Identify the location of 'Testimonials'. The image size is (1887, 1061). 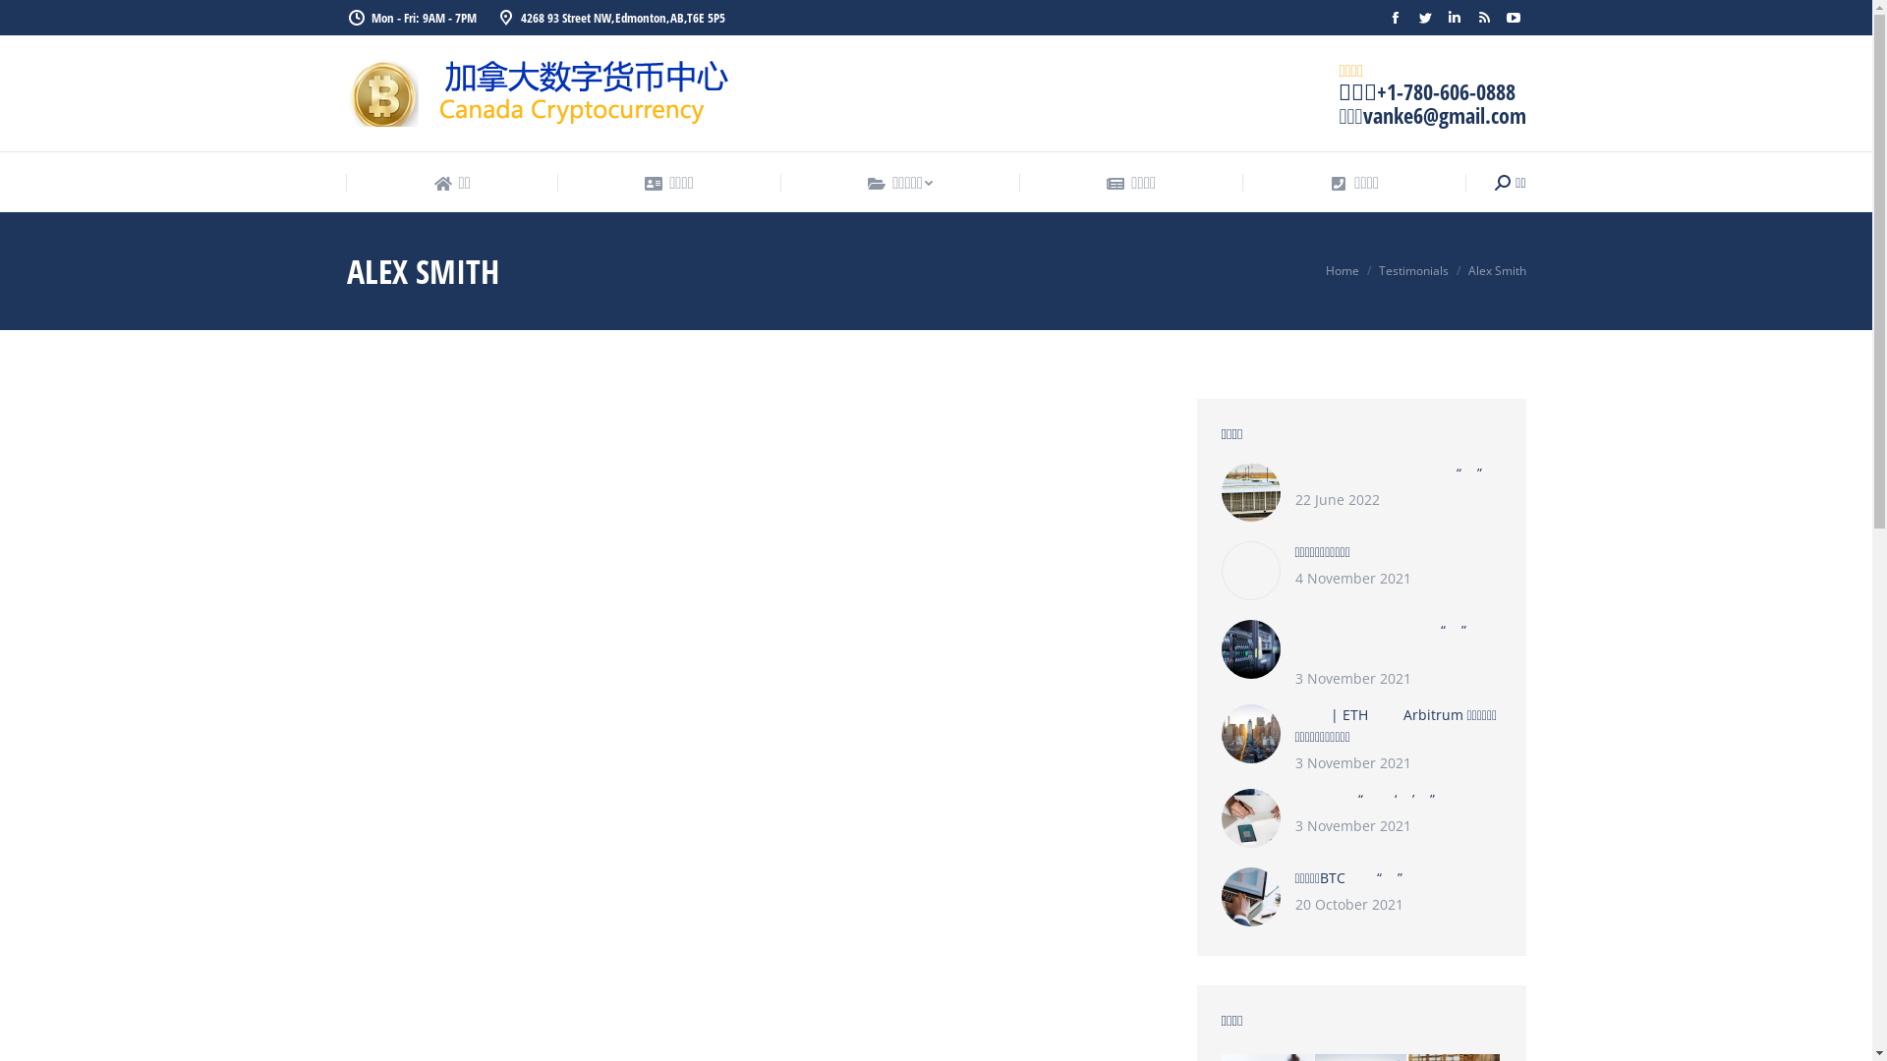
(1376, 270).